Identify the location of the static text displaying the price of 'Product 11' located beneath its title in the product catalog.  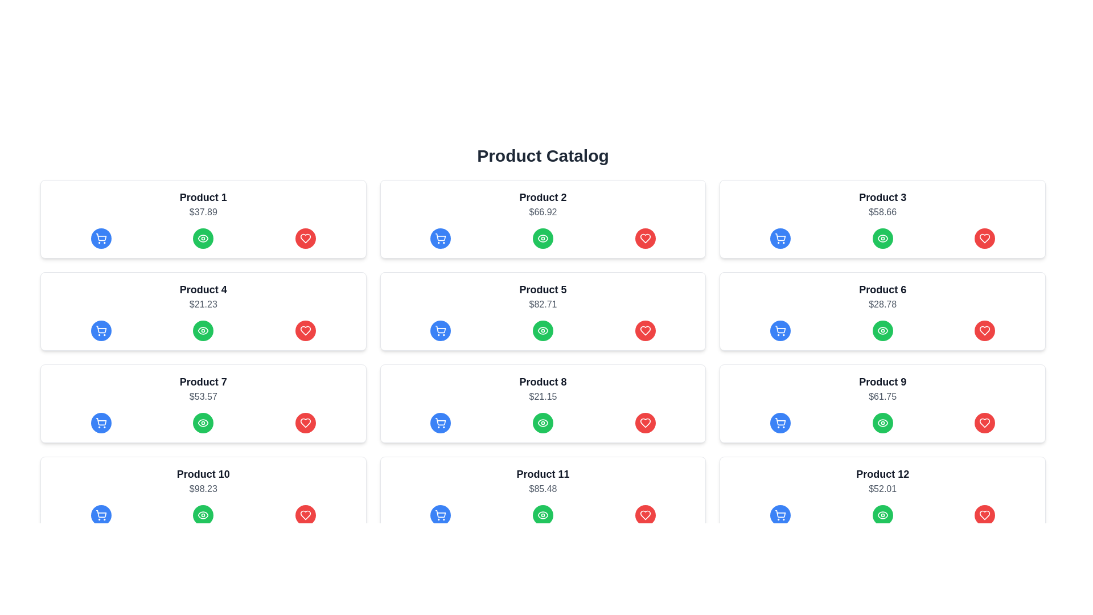
(543, 489).